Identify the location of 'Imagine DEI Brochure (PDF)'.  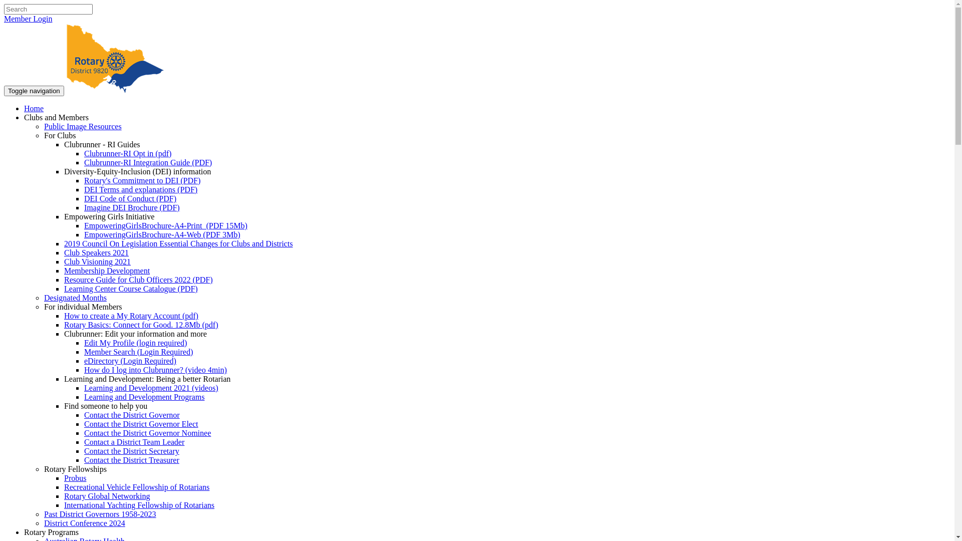
(84, 207).